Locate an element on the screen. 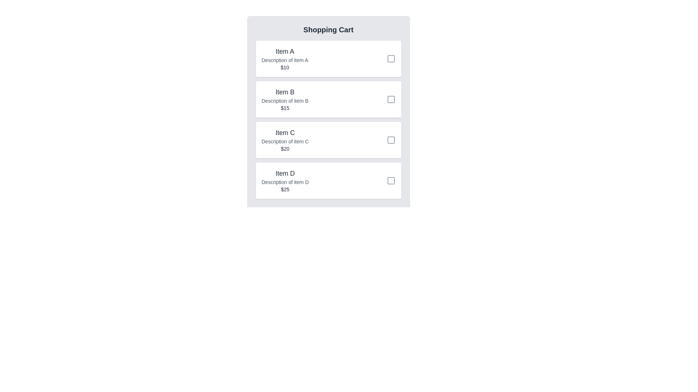  the icon in the 'Item A' section of the shopping cart is located at coordinates (390, 58).